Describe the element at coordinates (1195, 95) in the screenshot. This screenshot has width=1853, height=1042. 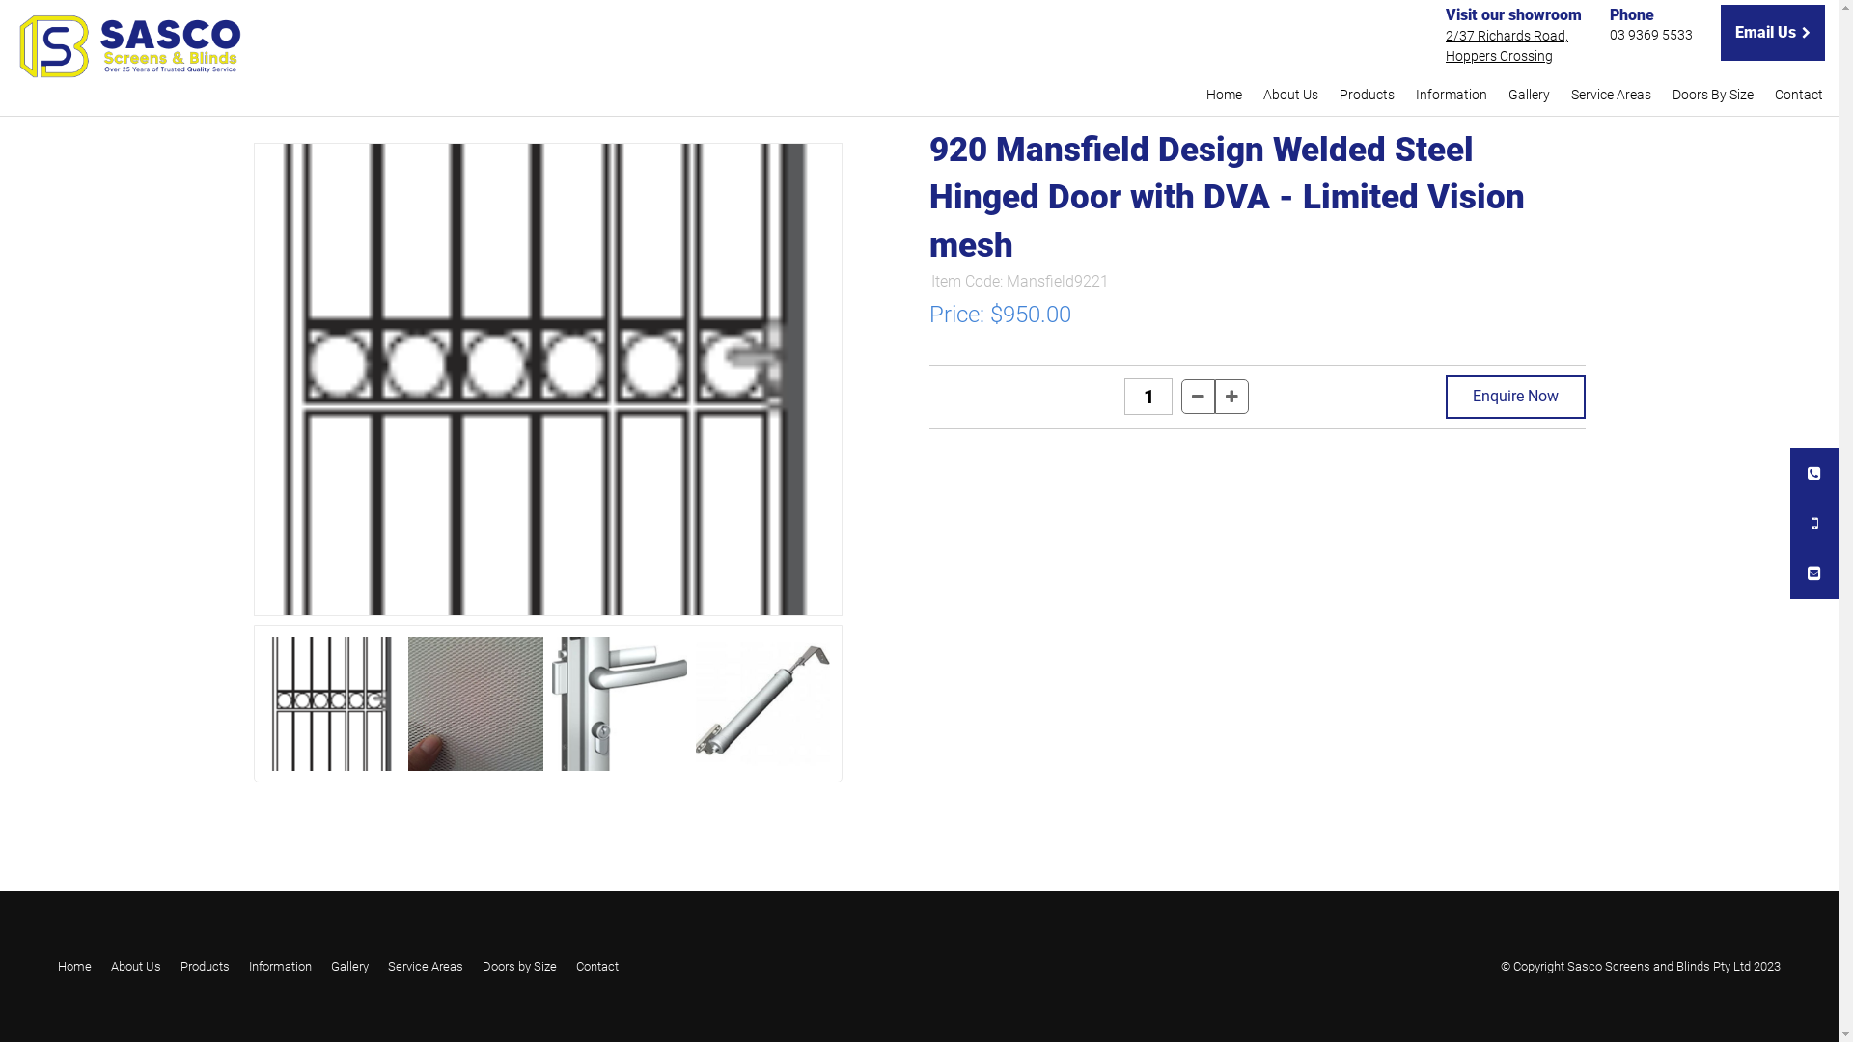
I see `'Home'` at that location.